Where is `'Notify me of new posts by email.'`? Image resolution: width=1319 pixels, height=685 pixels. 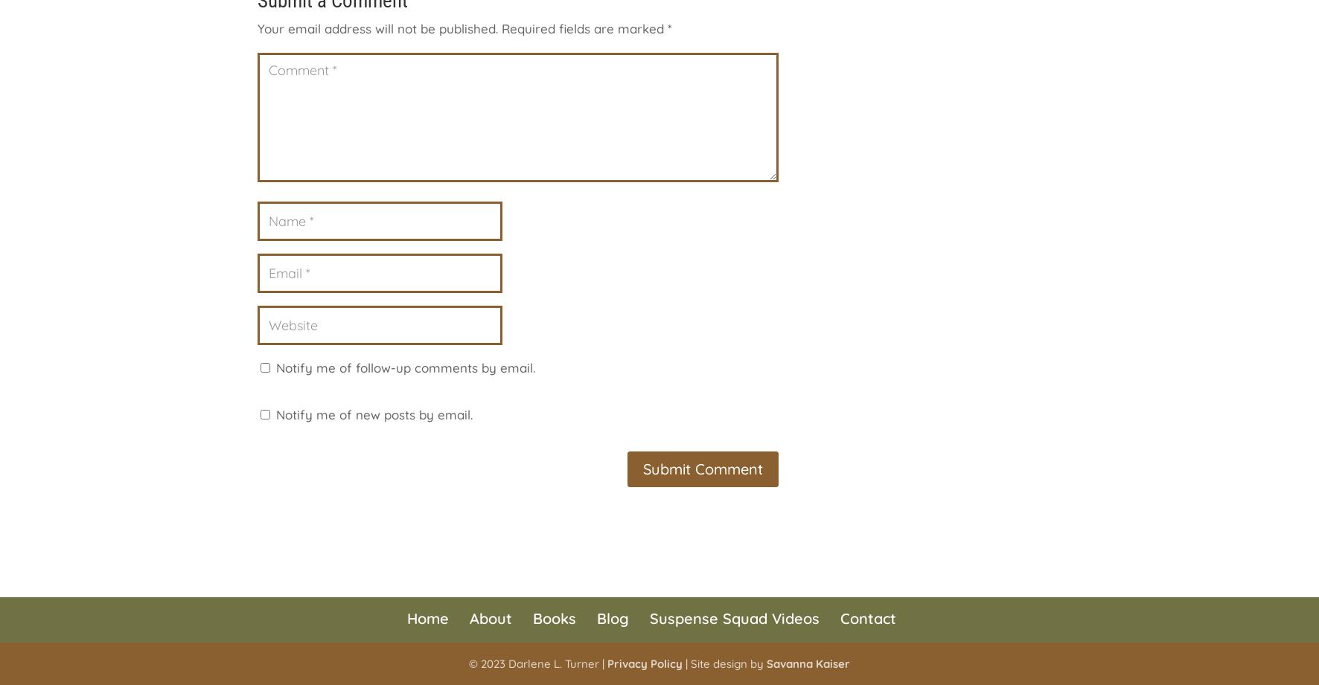 'Notify me of new posts by email.' is located at coordinates (374, 414).